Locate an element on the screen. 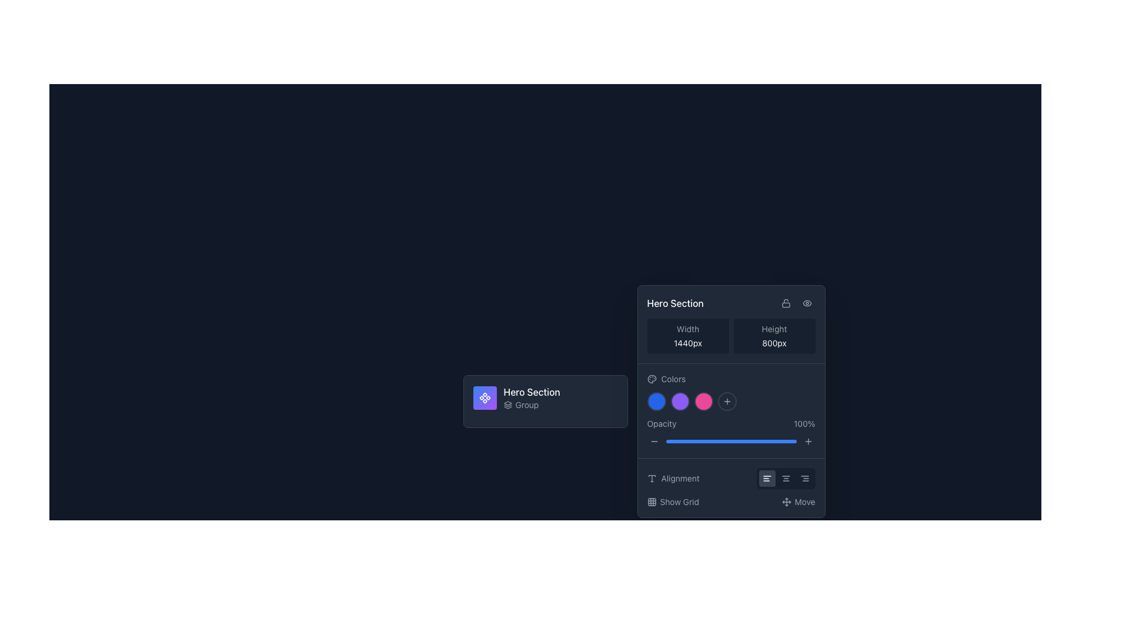  slider is located at coordinates (744, 442).